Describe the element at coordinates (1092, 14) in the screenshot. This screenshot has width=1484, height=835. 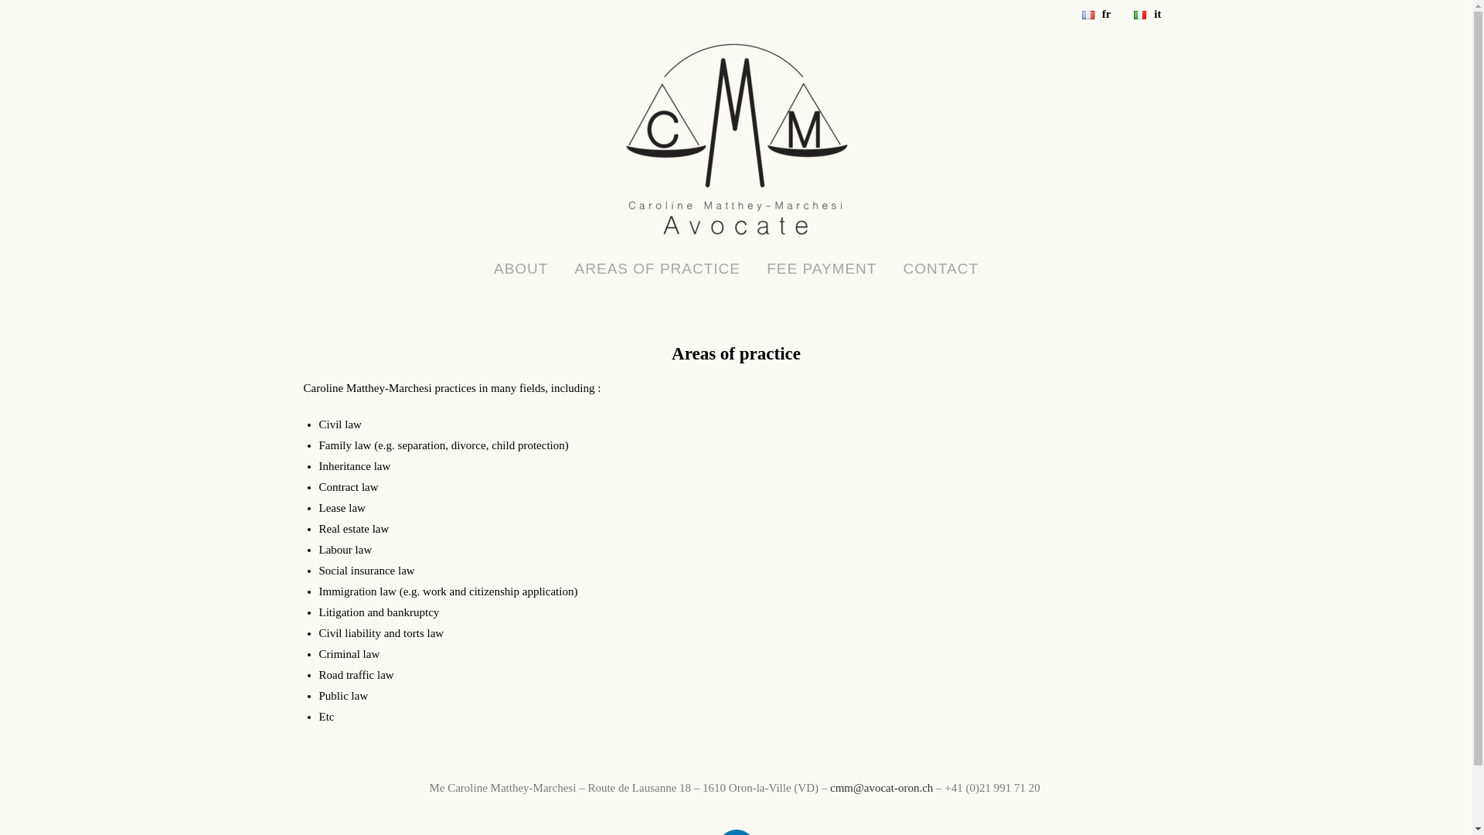
I see `'fr'` at that location.